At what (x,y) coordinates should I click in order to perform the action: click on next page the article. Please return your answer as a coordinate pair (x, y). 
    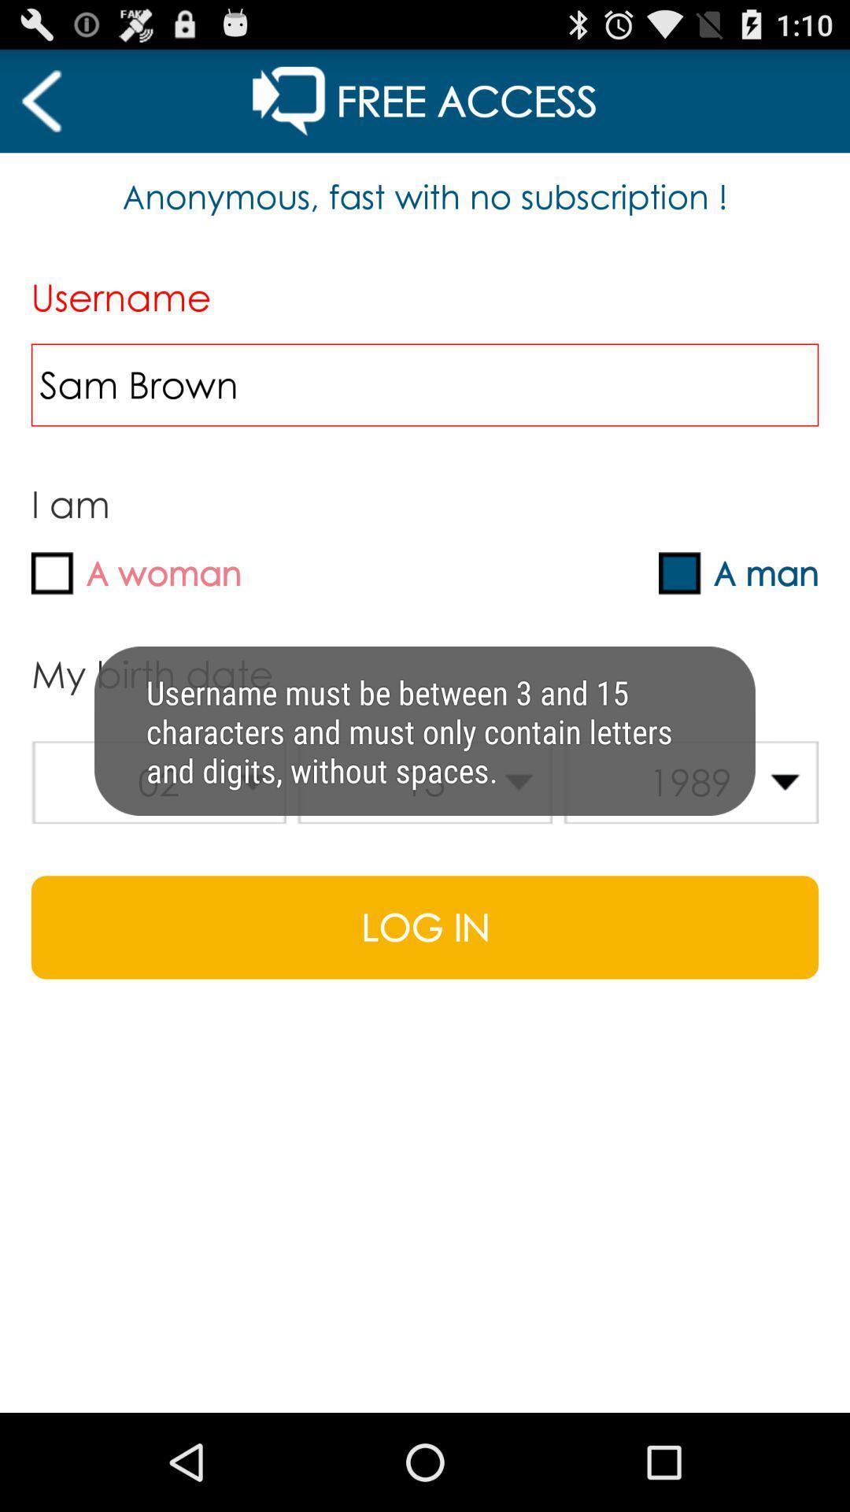
    Looking at the image, I should click on (40, 100).